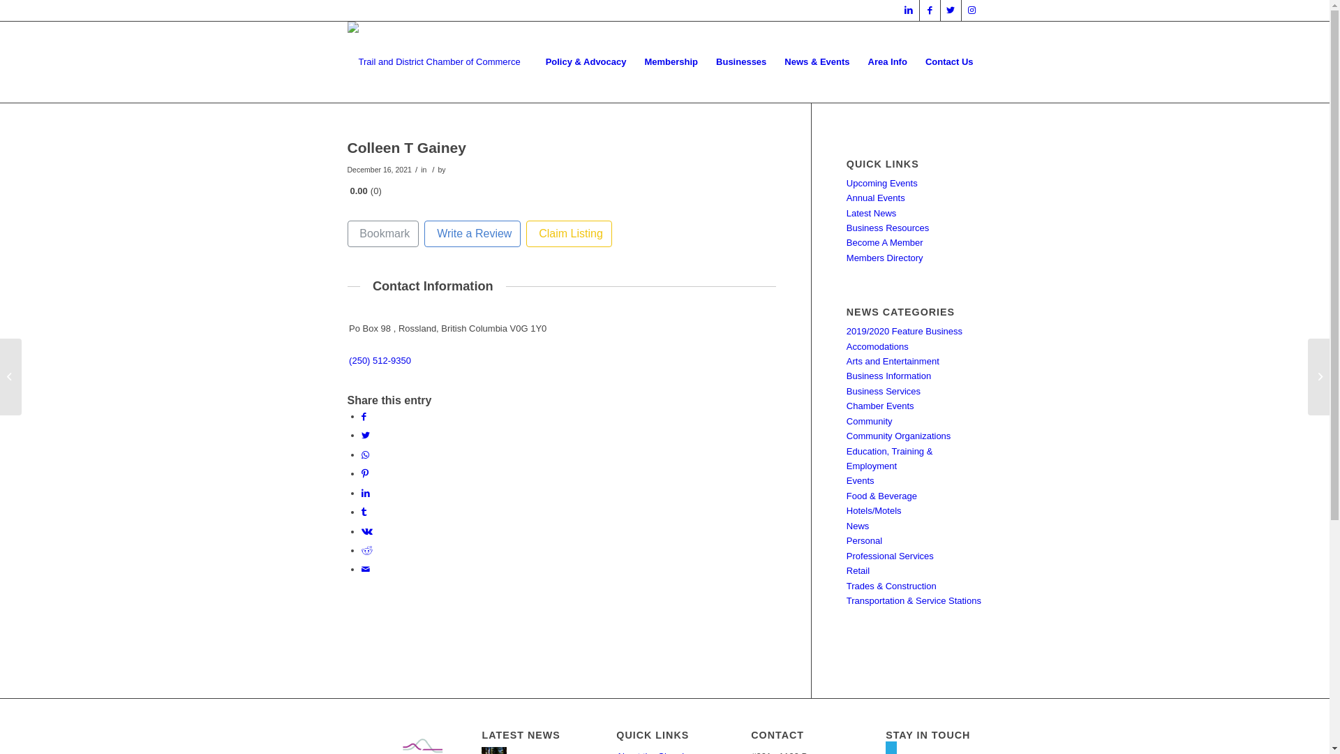 This screenshot has width=1340, height=754. Describe the element at coordinates (879, 406) in the screenshot. I see `'Chamber Events'` at that location.